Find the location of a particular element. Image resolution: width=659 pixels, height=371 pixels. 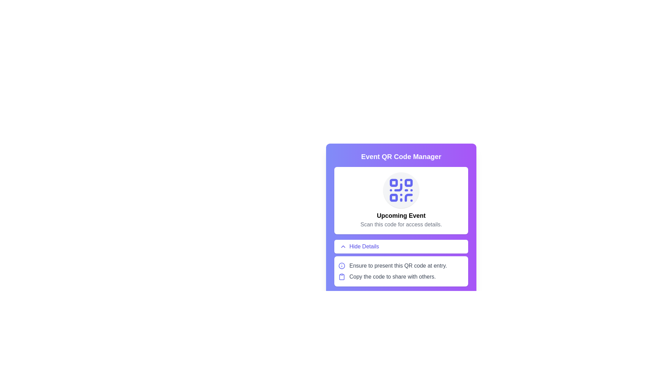

the text label displaying 'Upcoming Event' in a large, bold font, located within a light purple card interface, positioned above the text 'Scan this code for access details.' is located at coordinates (401, 215).